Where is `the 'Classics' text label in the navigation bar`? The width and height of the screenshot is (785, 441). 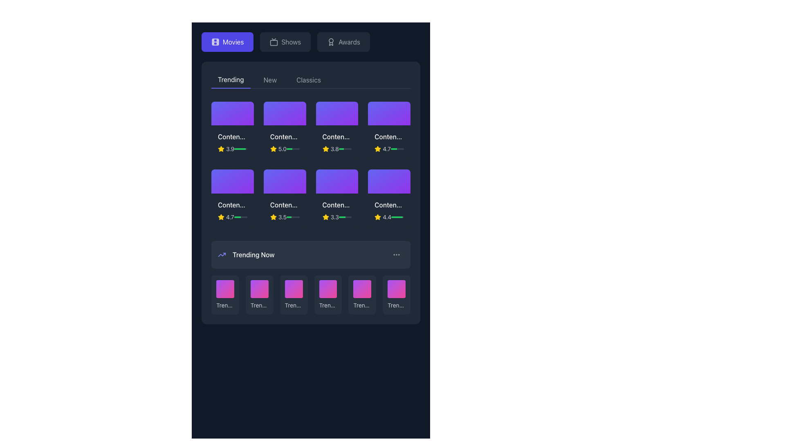
the 'Classics' text label in the navigation bar is located at coordinates (308, 80).